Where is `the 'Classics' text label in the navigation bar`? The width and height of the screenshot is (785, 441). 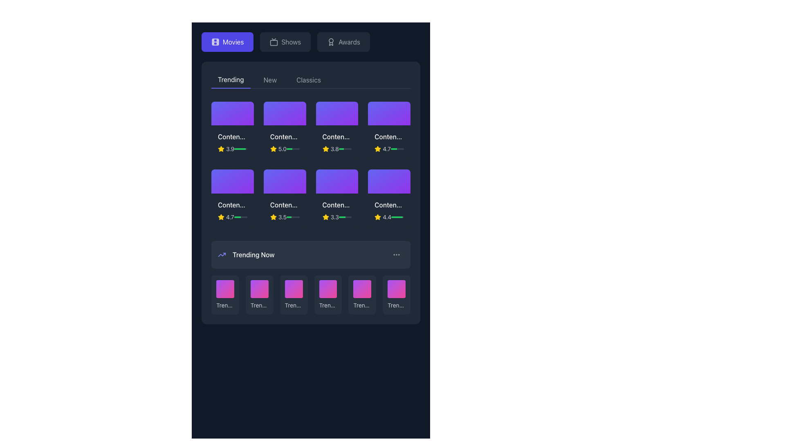
the 'Classics' text label in the navigation bar is located at coordinates (308, 80).